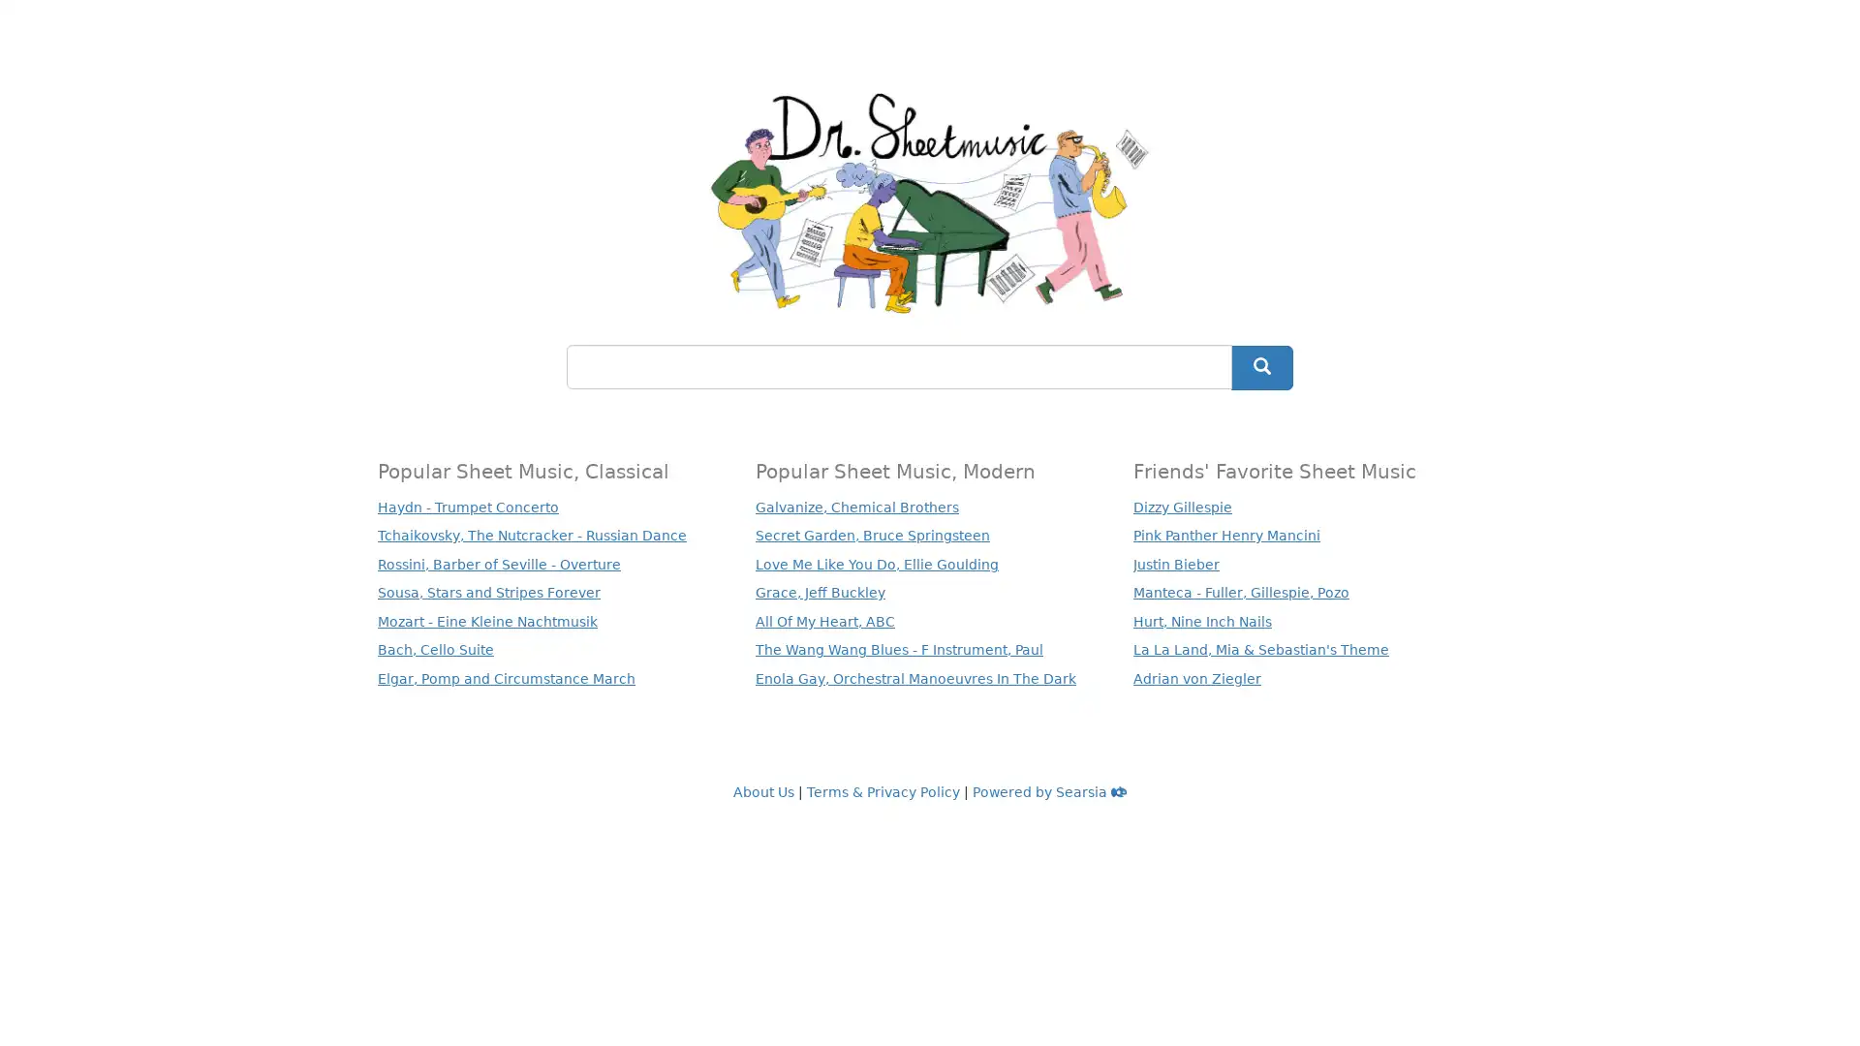 This screenshot has width=1860, height=1046. I want to click on Search, so click(1261, 366).